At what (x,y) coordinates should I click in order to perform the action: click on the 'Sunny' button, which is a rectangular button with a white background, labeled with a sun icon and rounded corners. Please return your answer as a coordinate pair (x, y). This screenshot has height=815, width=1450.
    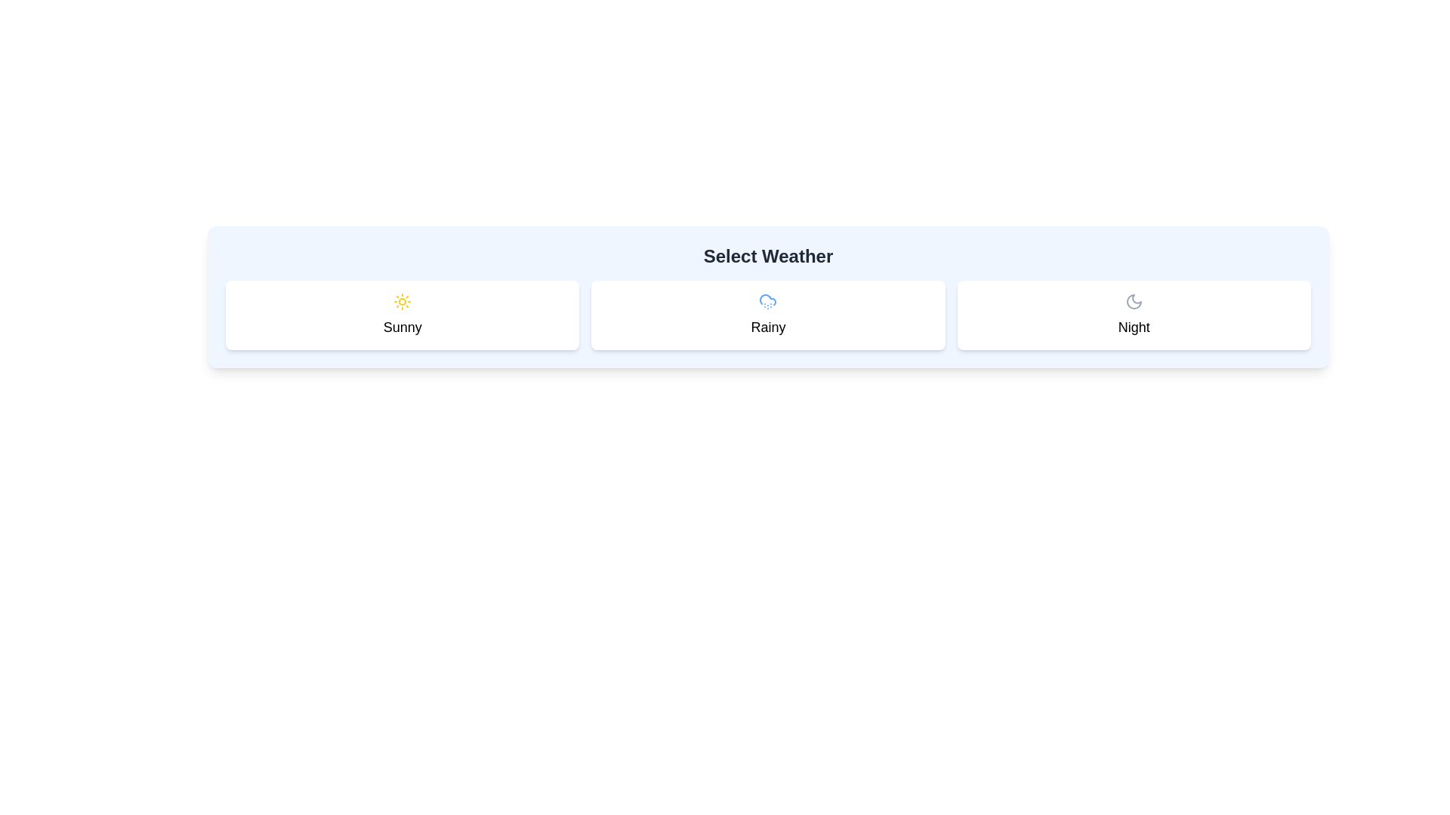
    Looking at the image, I should click on (403, 314).